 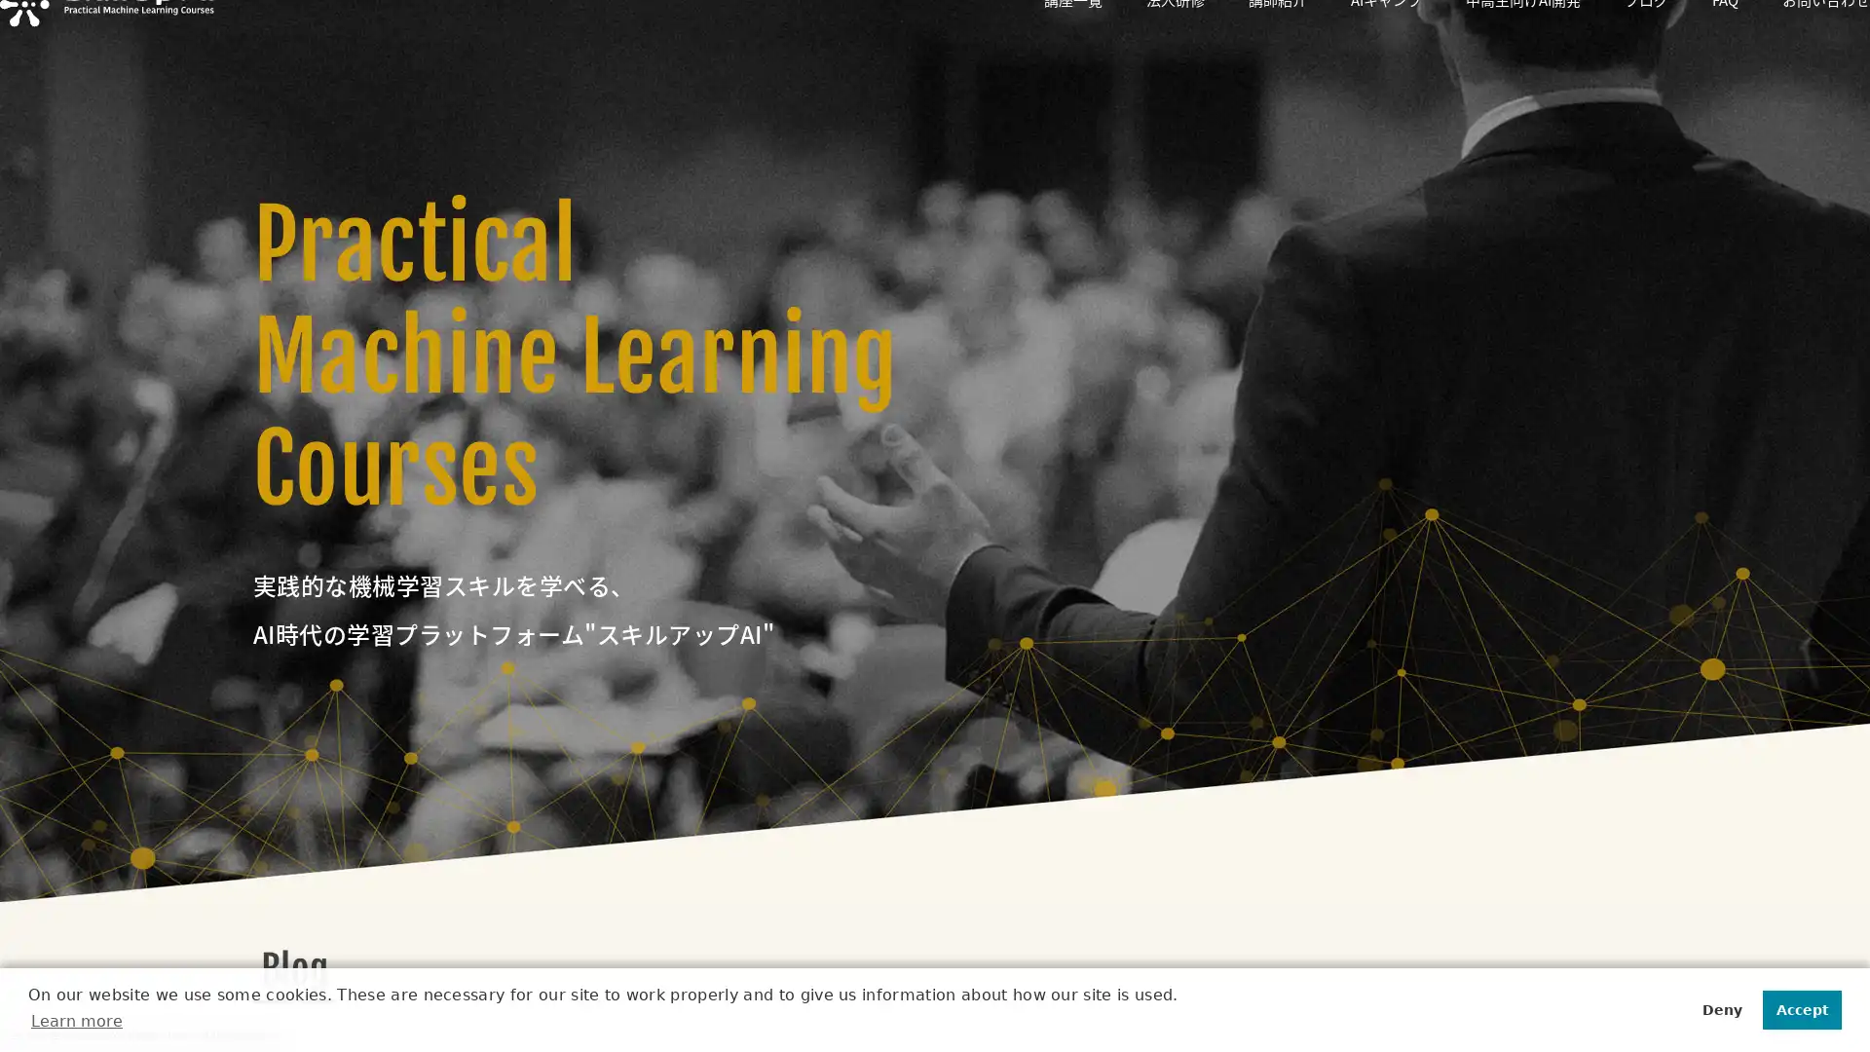 What do you see at coordinates (78, 1020) in the screenshot?
I see `learn more about cookies` at bounding box center [78, 1020].